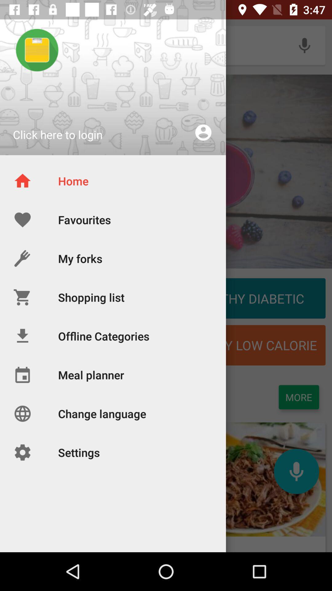  I want to click on the voice recorder icon, so click(305, 45).